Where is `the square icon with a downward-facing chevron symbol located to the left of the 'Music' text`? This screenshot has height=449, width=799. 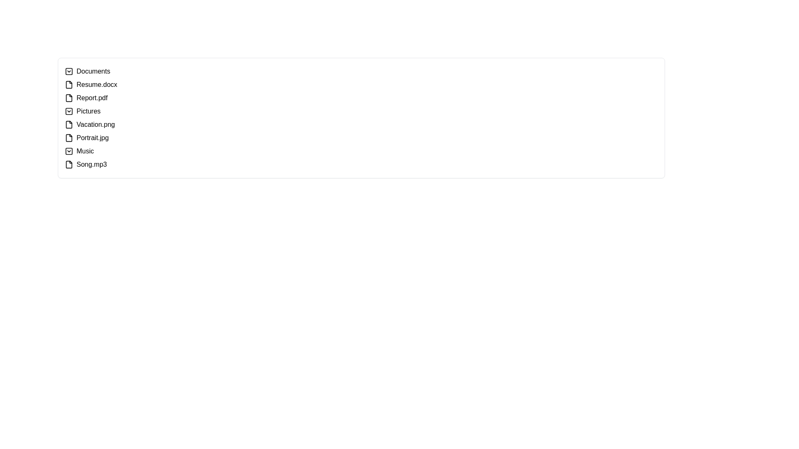
the square icon with a downward-facing chevron symbol located to the left of the 'Music' text is located at coordinates (69, 151).